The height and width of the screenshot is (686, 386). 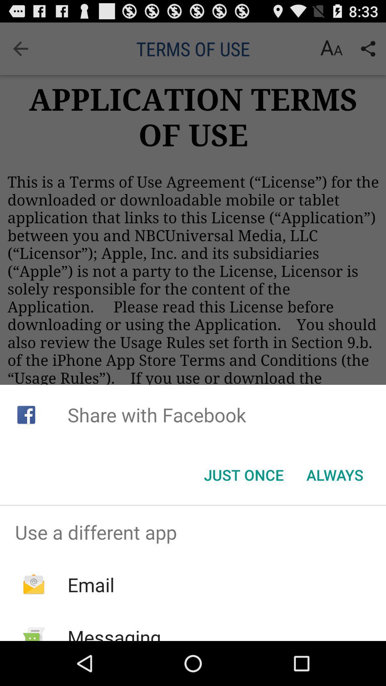 What do you see at coordinates (335, 475) in the screenshot?
I see `icon to the right of the just once item` at bounding box center [335, 475].